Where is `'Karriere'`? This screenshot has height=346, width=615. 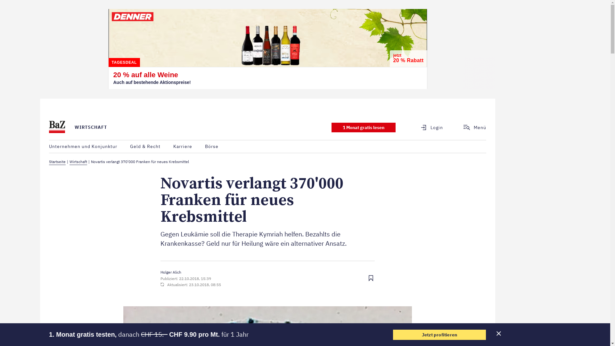 'Karriere' is located at coordinates (182, 146).